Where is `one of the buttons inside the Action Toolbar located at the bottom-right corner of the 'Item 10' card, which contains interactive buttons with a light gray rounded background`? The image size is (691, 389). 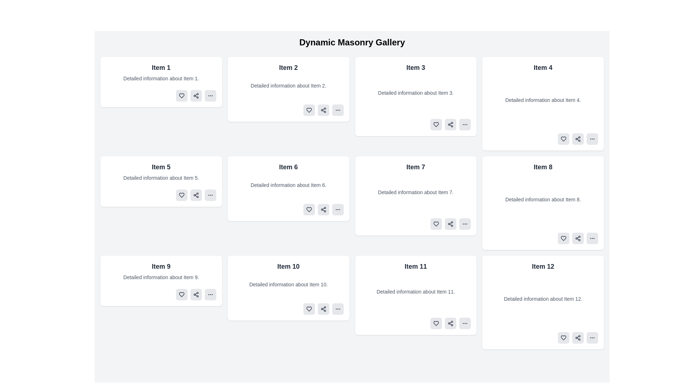
one of the buttons inside the Action Toolbar located at the bottom-right corner of the 'Item 10' card, which contains interactive buttons with a light gray rounded background is located at coordinates (288, 308).